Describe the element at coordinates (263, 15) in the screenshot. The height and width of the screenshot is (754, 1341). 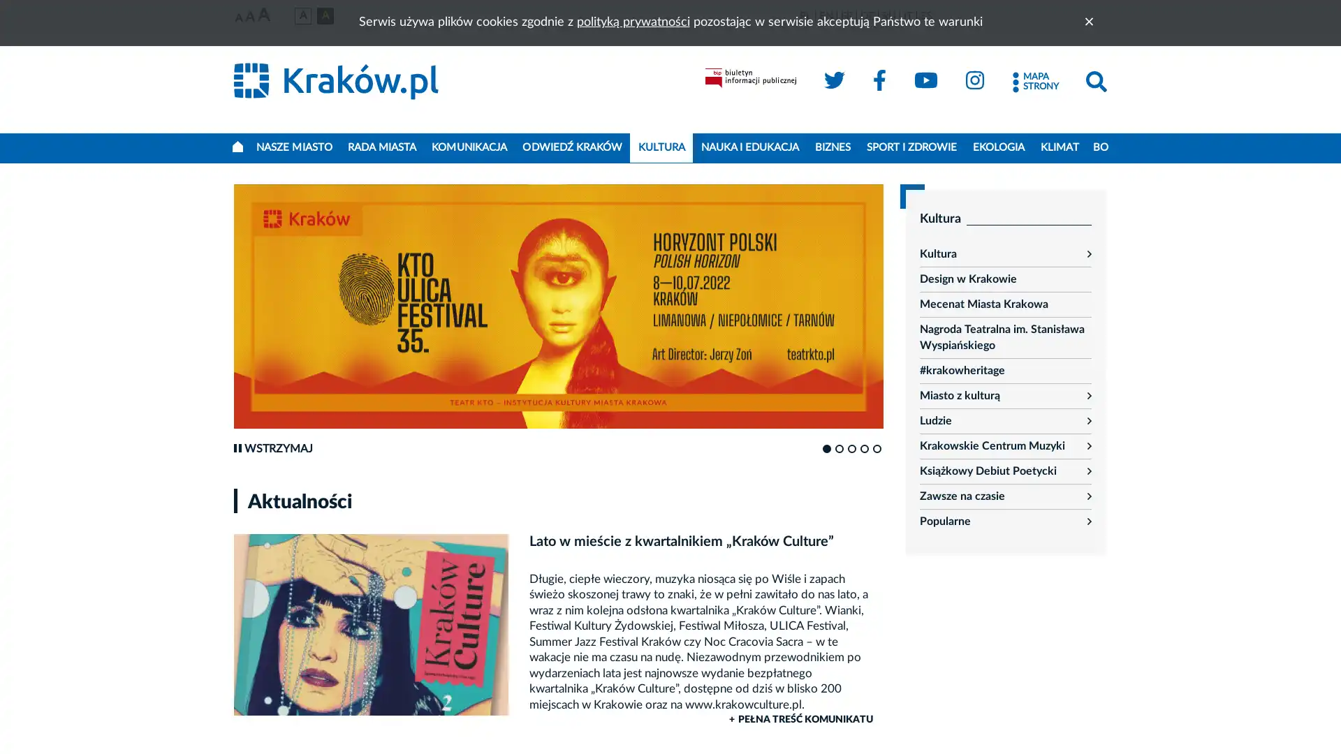
I see `Najwieksza czcionka` at that location.